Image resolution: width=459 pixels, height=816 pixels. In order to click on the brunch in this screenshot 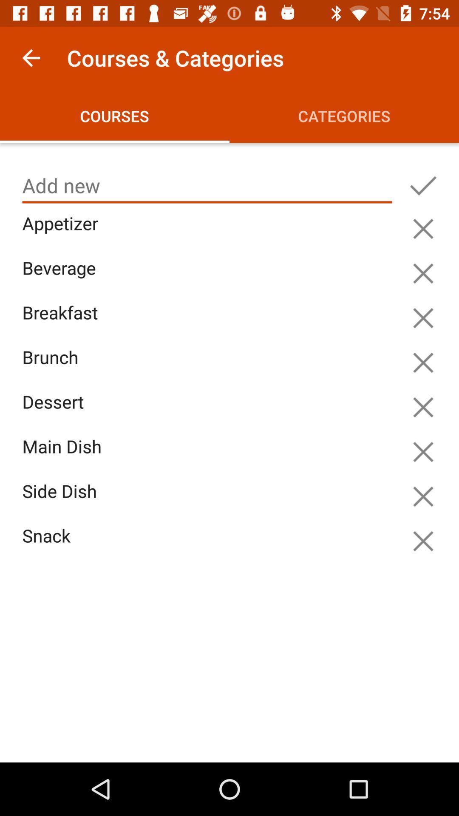, I will do `click(209, 367)`.